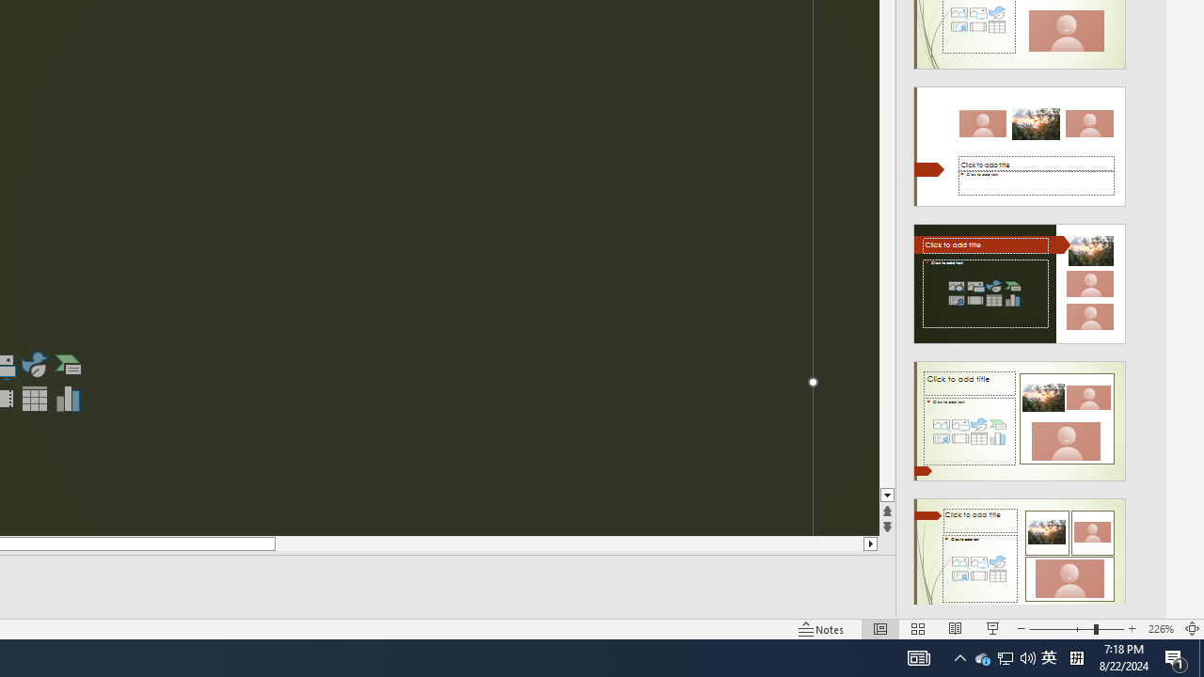  I want to click on 'Zoom 226%', so click(1160, 629).